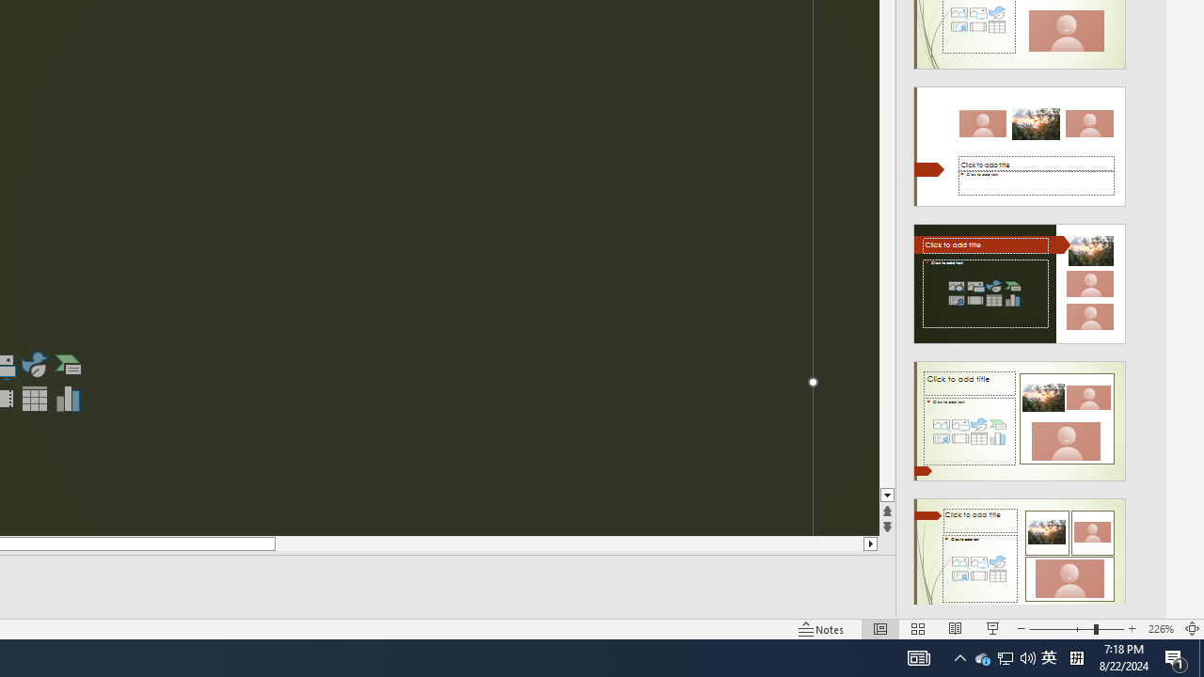  I want to click on 'Zoom 226%', so click(1160, 629).